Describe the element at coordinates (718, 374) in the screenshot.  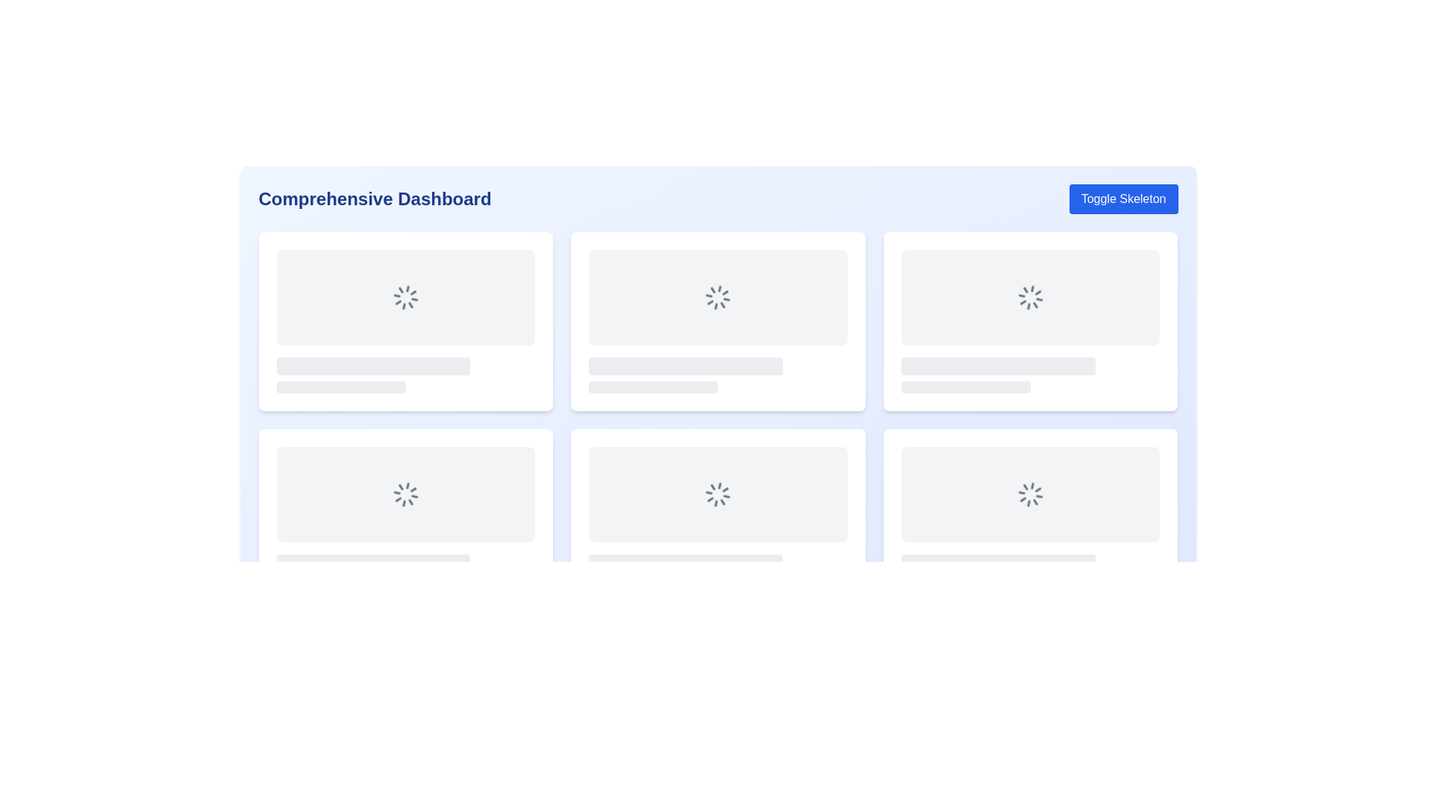
I see `the non-interactive placeholder block, which consists of two rectangular blocks stacked vertically with a light gray background and rounded corners, located in the central card on the second row of a grid layout` at that location.